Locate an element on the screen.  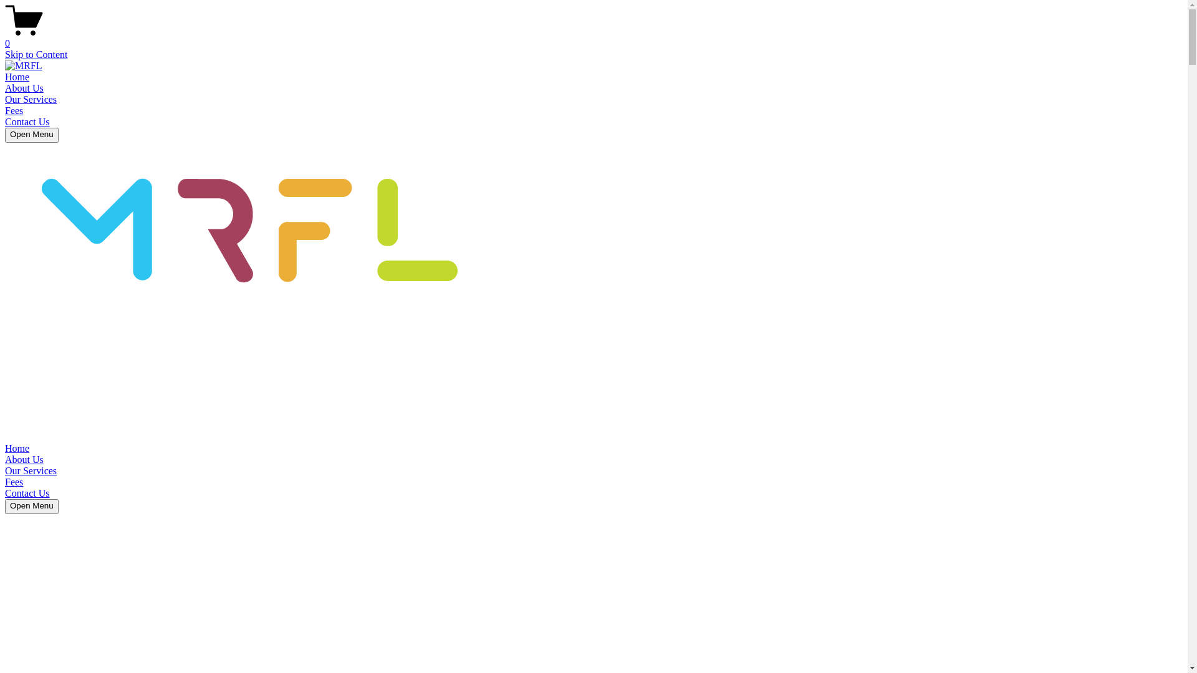
'Contact Us' is located at coordinates (27, 492).